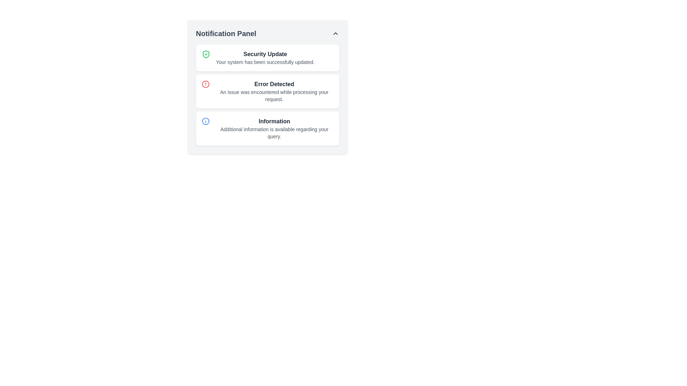 This screenshot has height=386, width=687. Describe the element at coordinates (274, 121) in the screenshot. I see `the heading text in the Notification Panel that denotes the type of notification, positioned above the additional information text` at that location.